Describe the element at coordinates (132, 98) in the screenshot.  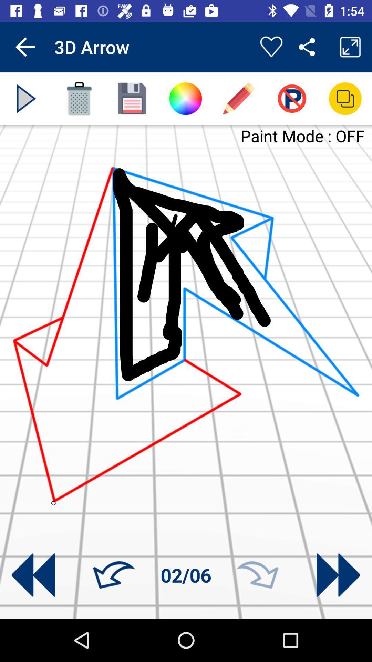
I see `new layer` at that location.